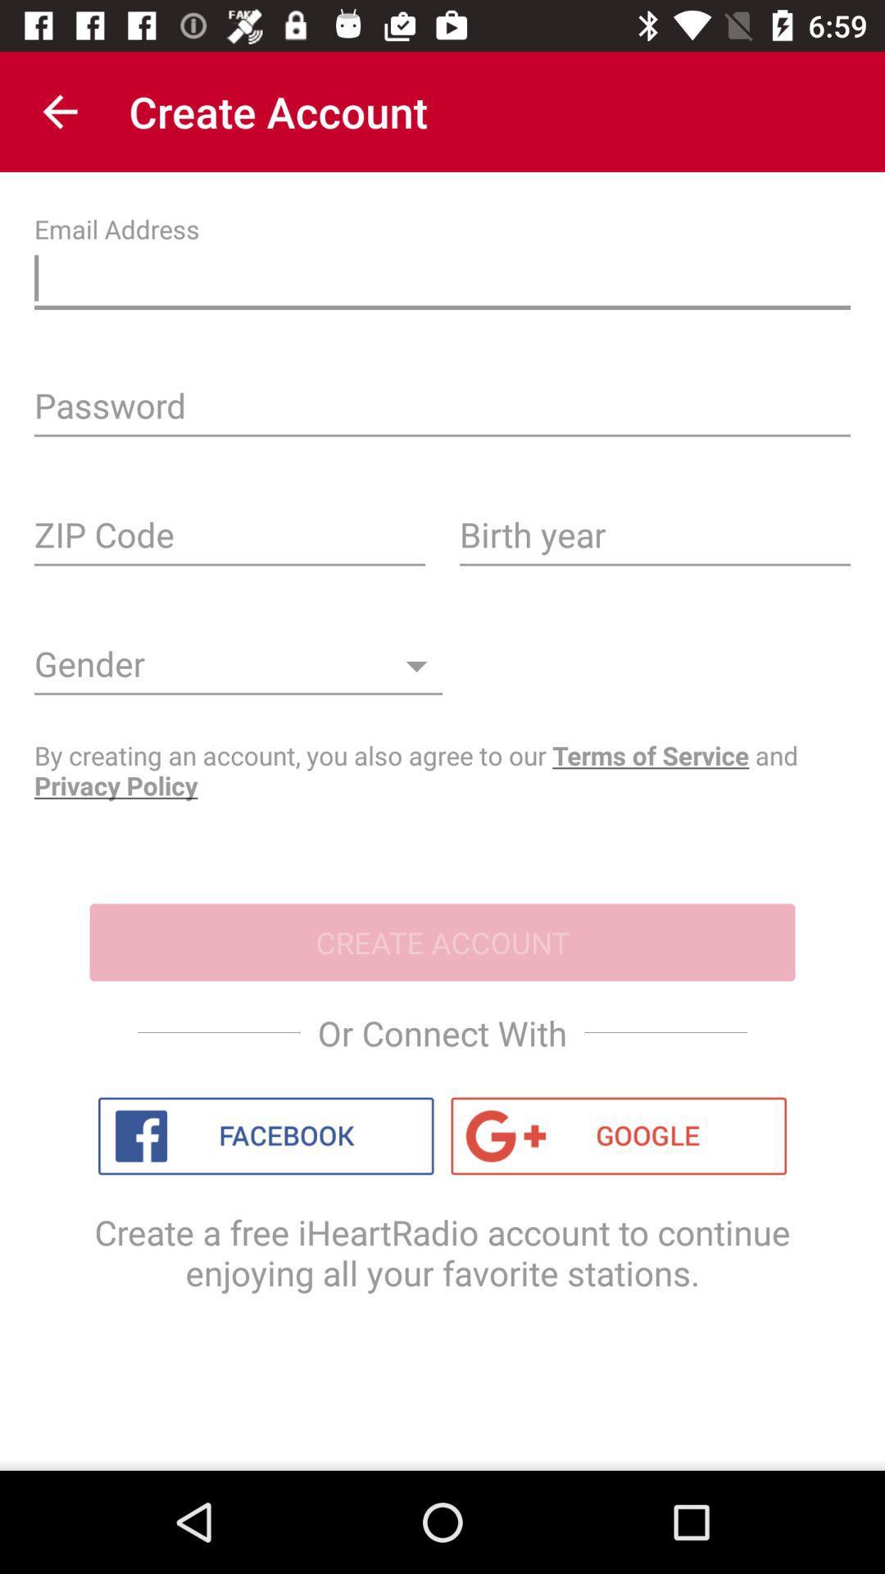  Describe the element at coordinates (442, 282) in the screenshot. I see `typing box` at that location.